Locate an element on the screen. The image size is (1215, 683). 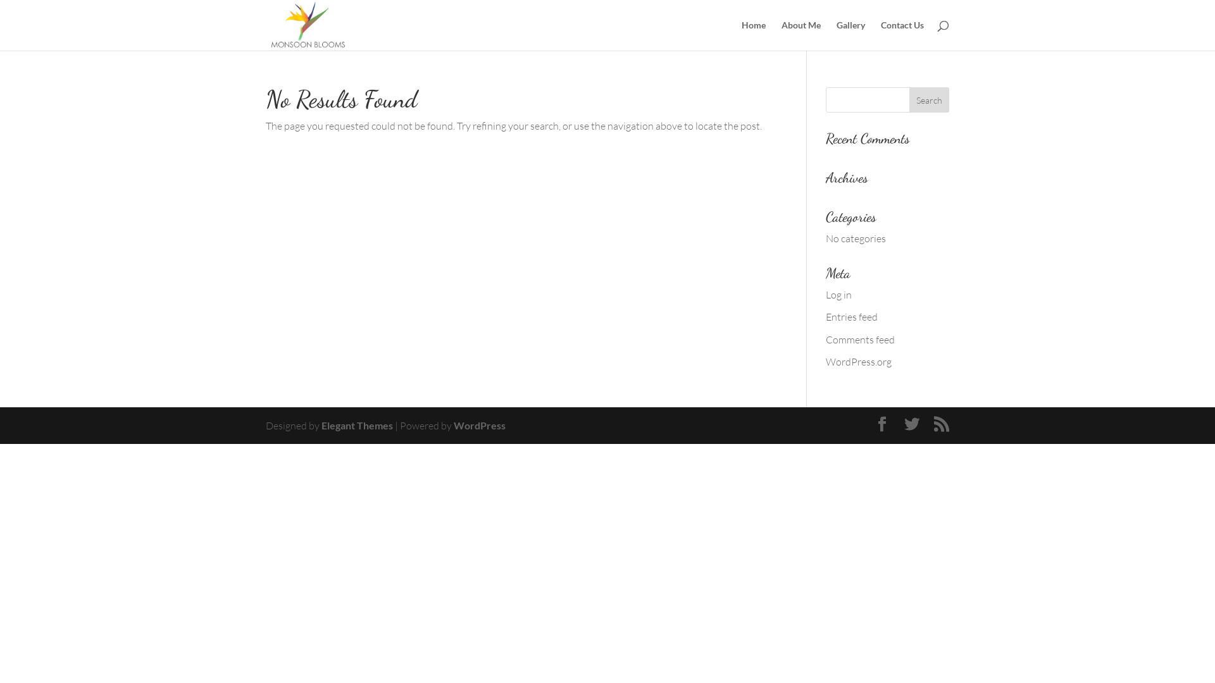
'WordPress' is located at coordinates (479, 425).